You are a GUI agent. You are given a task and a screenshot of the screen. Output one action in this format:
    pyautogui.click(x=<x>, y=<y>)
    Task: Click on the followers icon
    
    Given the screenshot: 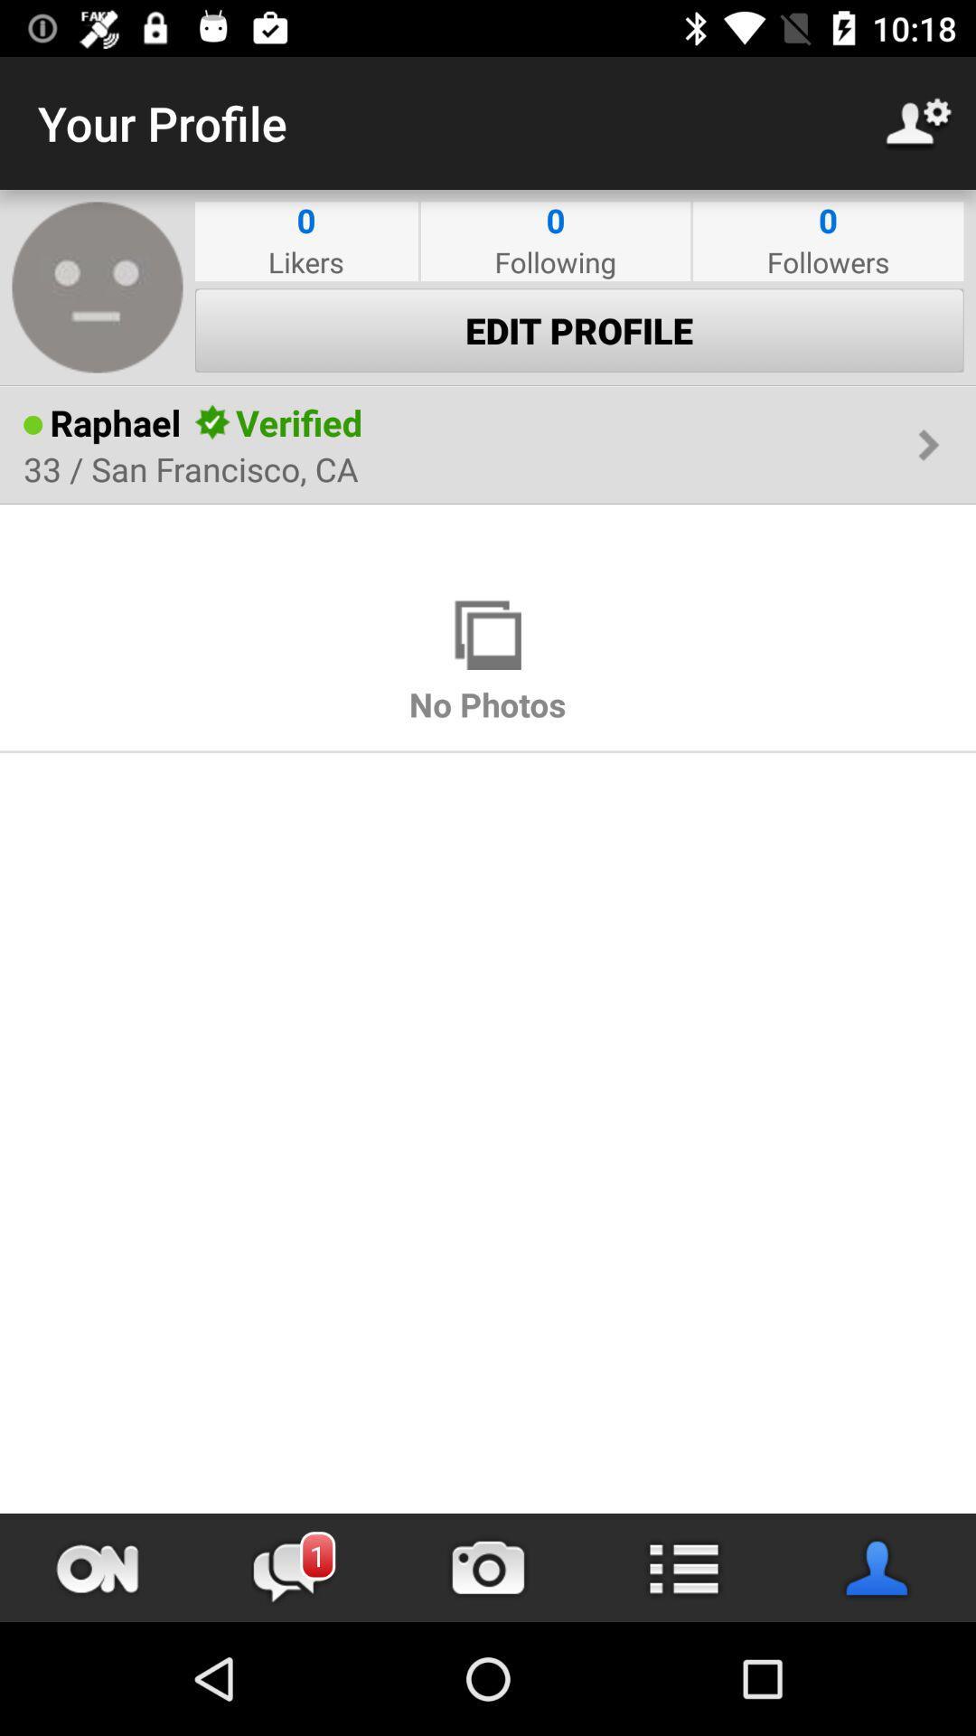 What is the action you would take?
    pyautogui.click(x=828, y=260)
    